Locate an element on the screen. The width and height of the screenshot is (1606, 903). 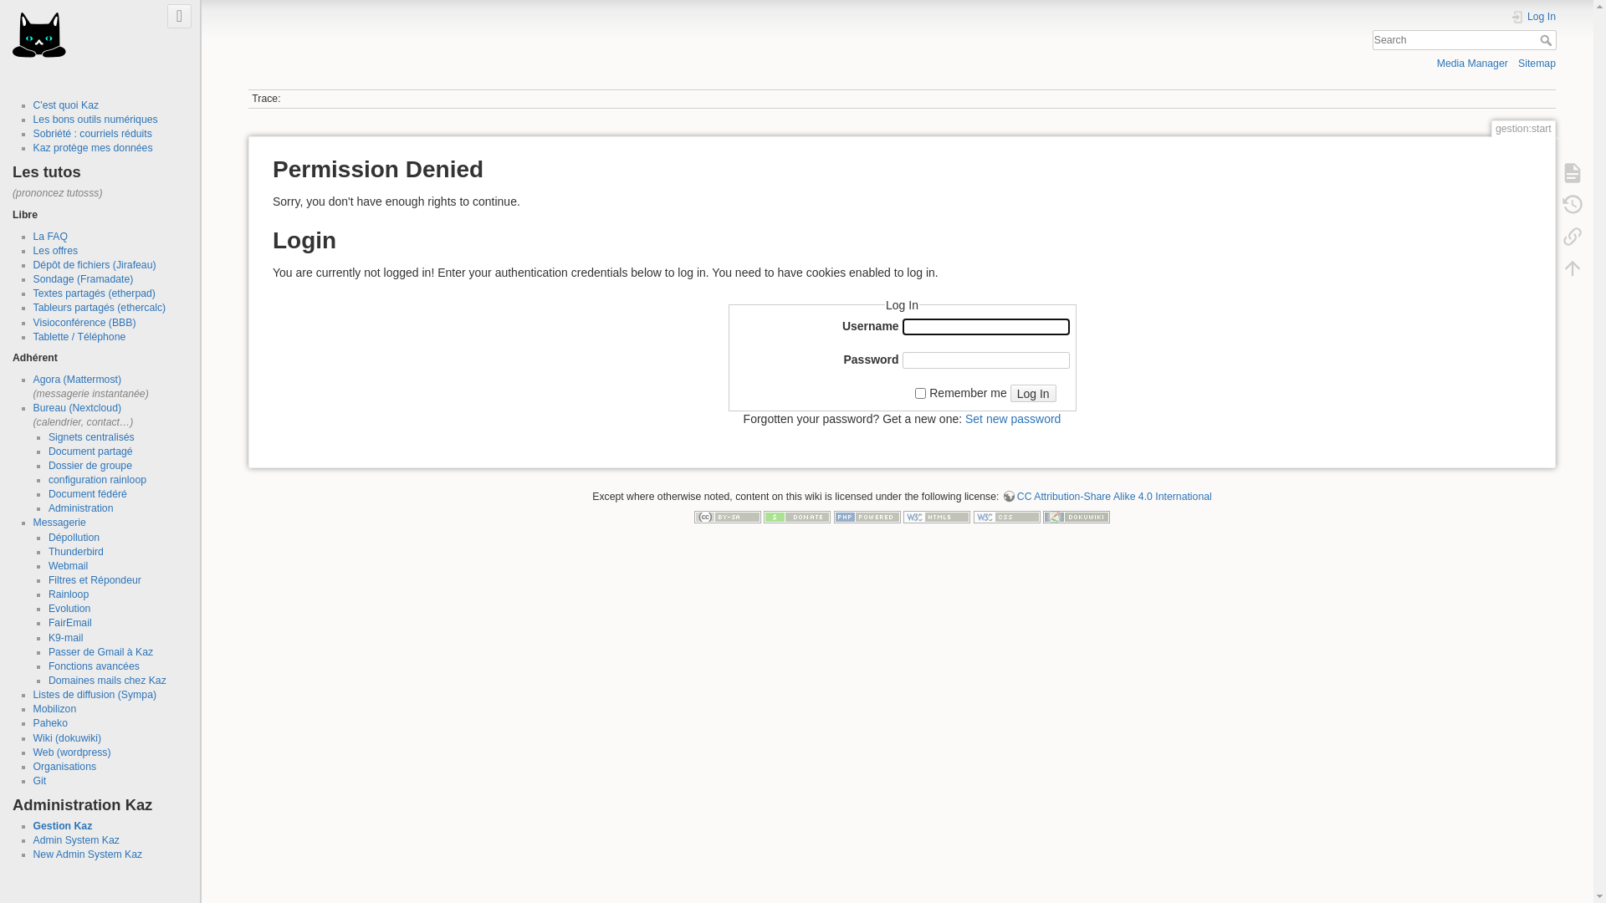
'Set new password' is located at coordinates (1011, 418).